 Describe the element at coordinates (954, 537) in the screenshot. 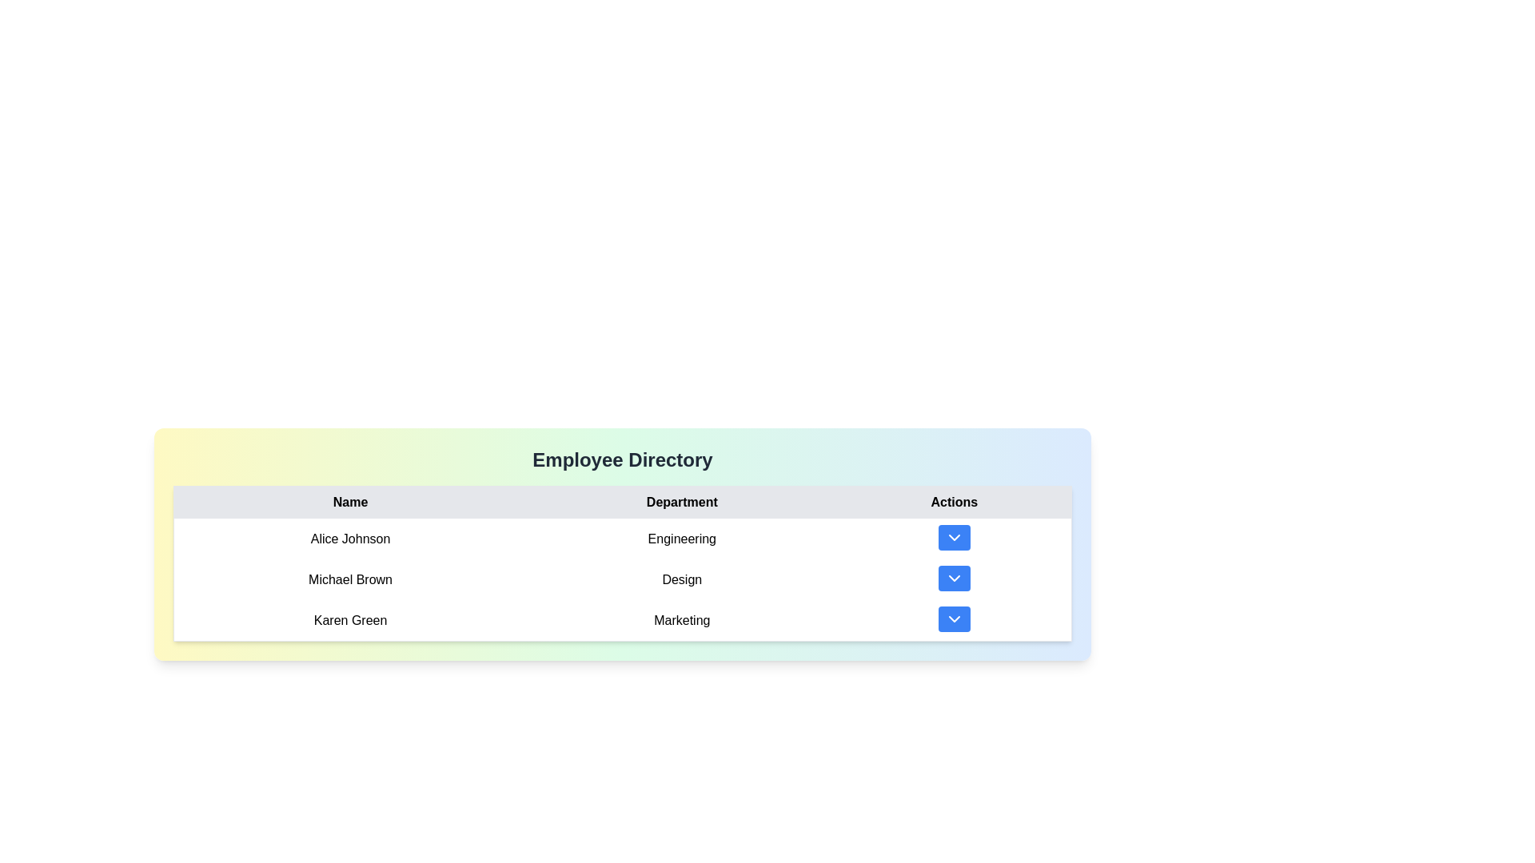

I see `the blue dropdown button with a white downward chevron icon, located in the Actions column of the first row, aligned with the 'Engineering' department entry` at that location.